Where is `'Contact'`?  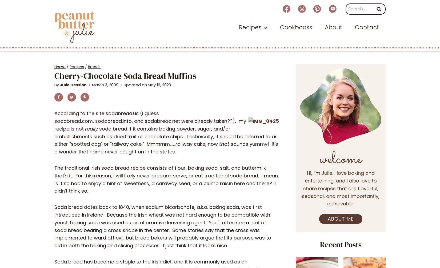
'Contact' is located at coordinates (355, 27).